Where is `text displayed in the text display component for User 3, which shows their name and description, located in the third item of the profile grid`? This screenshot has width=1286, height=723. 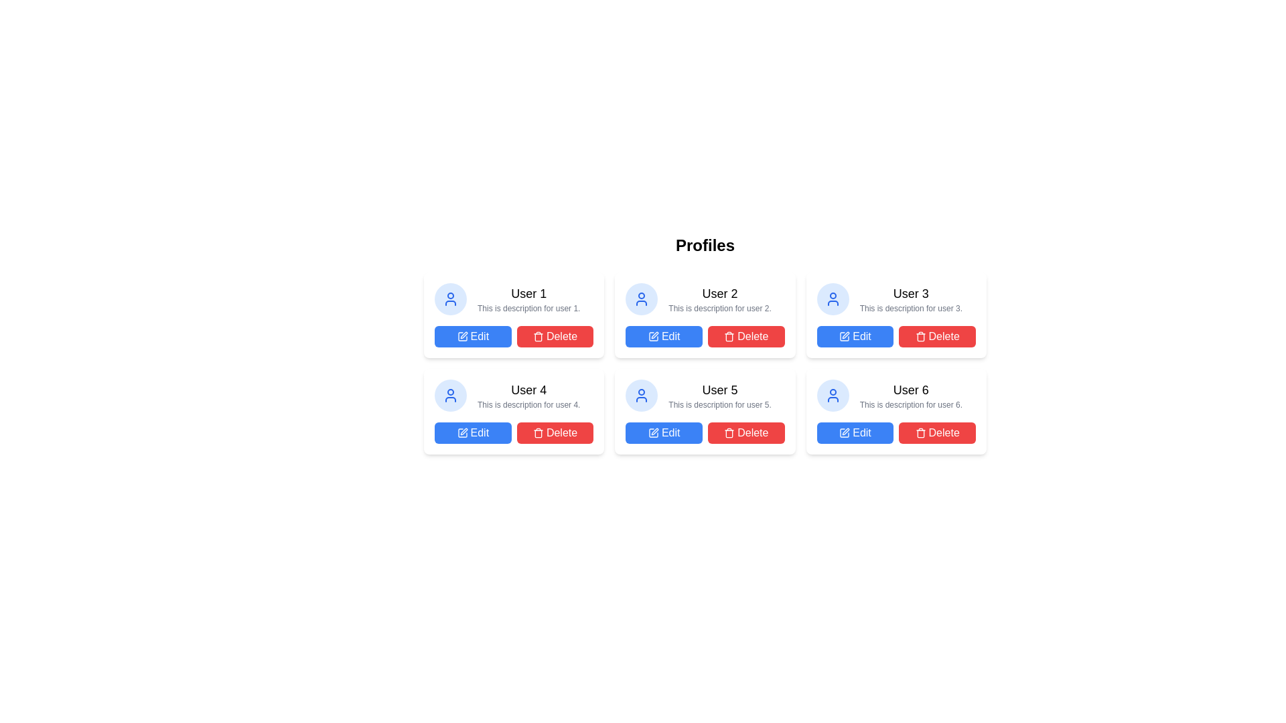 text displayed in the text display component for User 3, which shows their name and description, located in the third item of the profile grid is located at coordinates (896, 299).